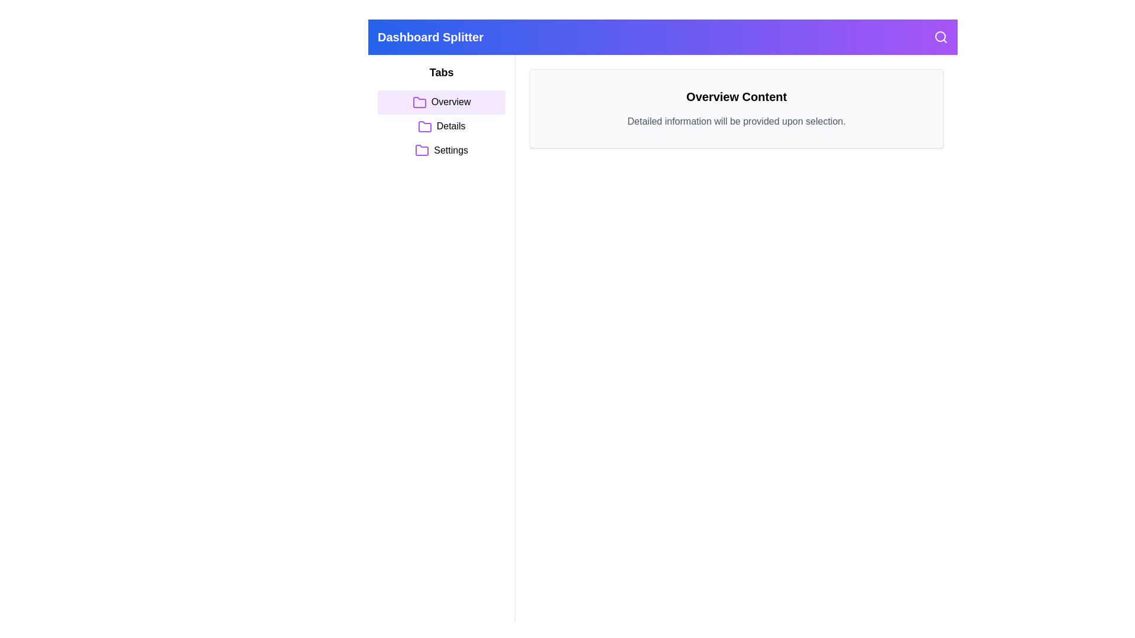  Describe the element at coordinates (419, 102) in the screenshot. I see `the purple folder SVG icon located to the left of the 'Overview' text in the sidebar navigation menu` at that location.